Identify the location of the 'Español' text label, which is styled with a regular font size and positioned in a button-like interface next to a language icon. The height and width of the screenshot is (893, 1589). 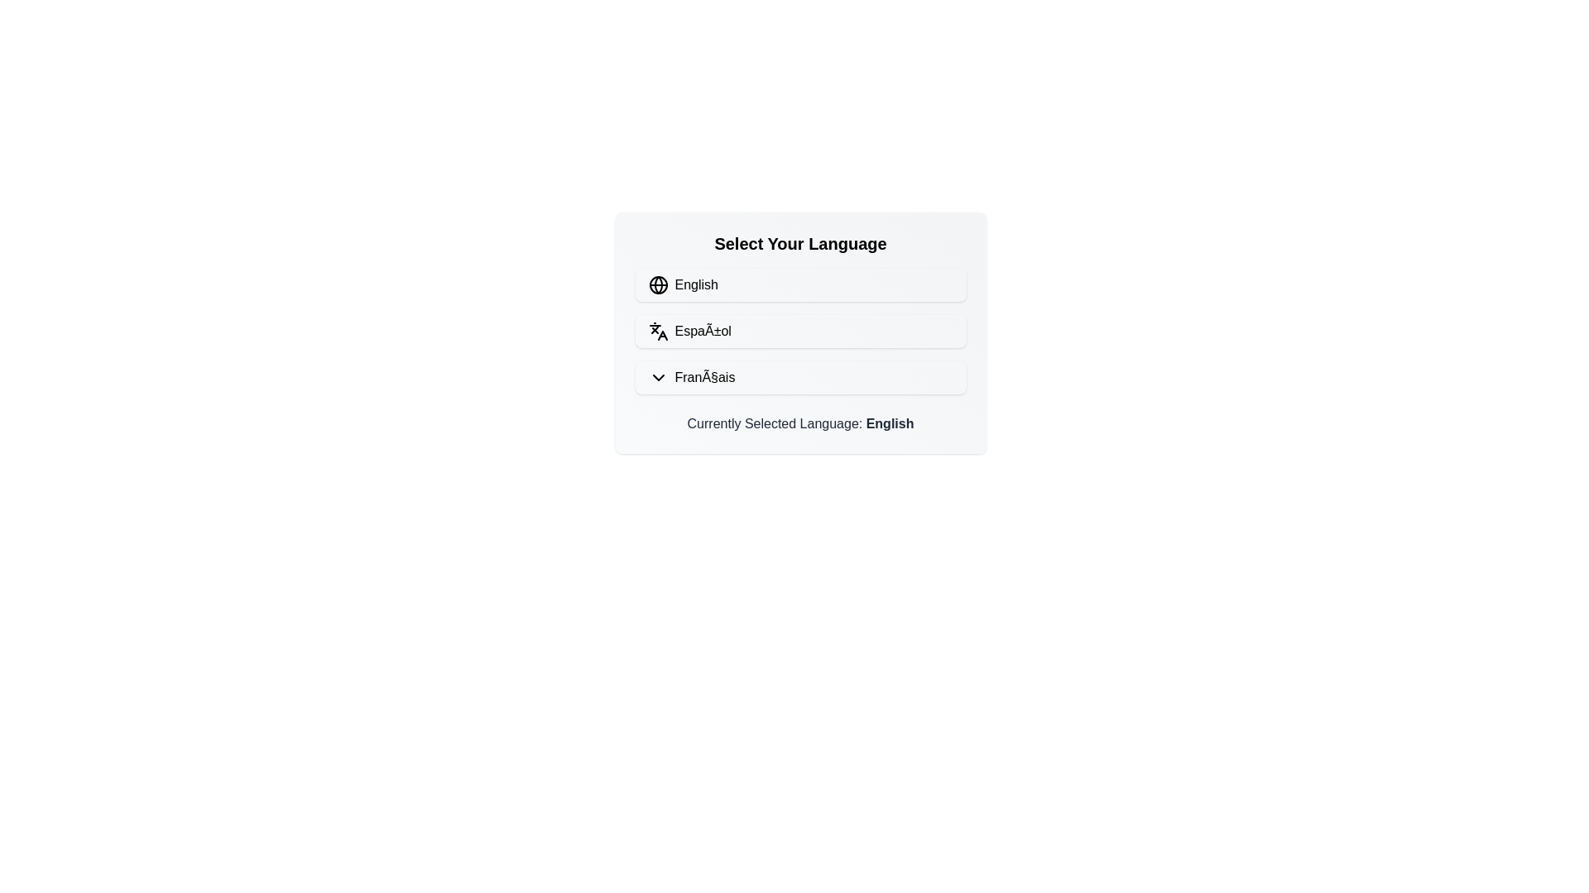
(703, 332).